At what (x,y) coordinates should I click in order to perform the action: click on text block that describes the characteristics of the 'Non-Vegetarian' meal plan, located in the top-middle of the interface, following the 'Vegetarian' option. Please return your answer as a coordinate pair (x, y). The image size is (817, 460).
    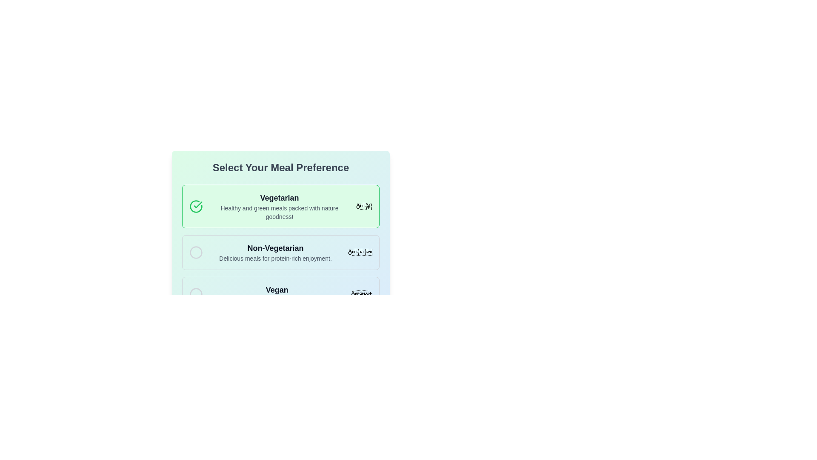
    Looking at the image, I should click on (275, 252).